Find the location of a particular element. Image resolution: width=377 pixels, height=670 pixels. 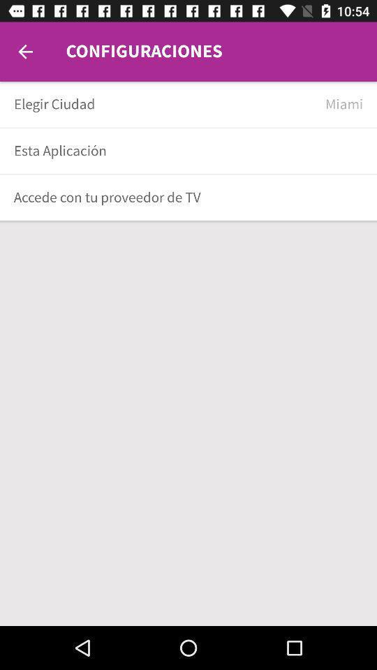

go back is located at coordinates (25, 52).